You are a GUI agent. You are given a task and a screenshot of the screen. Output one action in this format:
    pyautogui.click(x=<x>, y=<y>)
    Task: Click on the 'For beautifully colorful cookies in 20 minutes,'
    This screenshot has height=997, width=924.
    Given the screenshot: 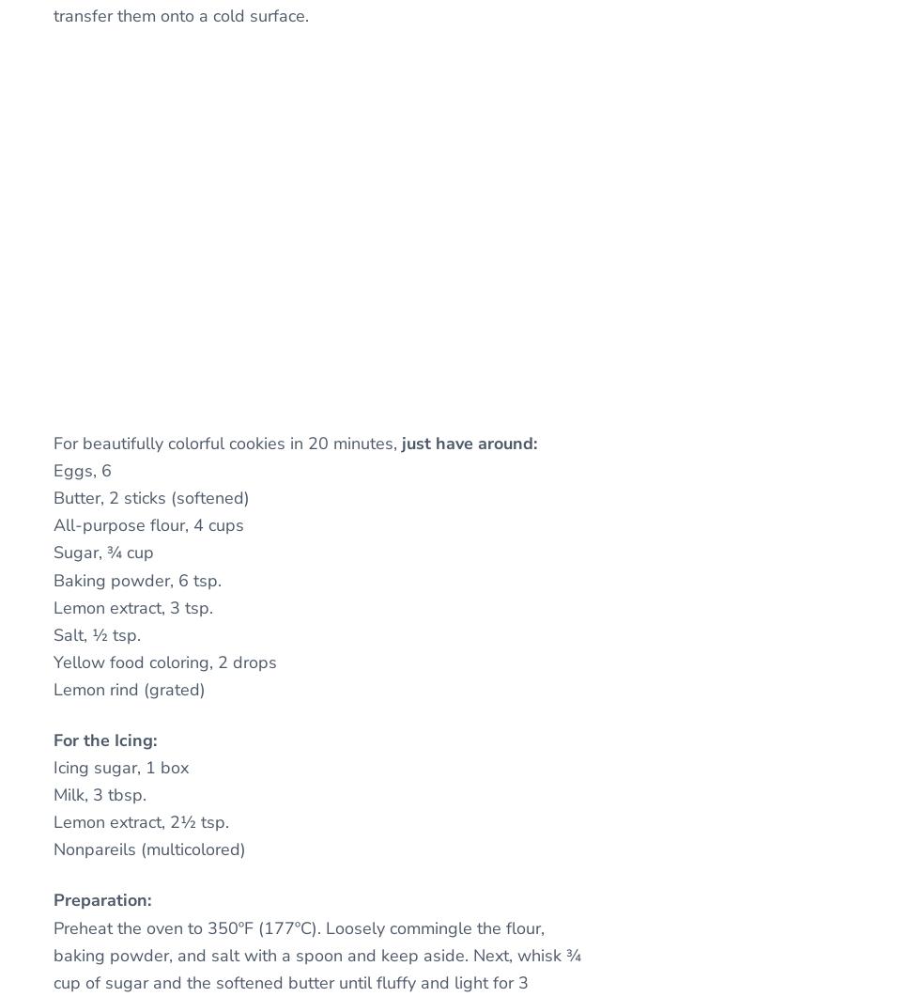 What is the action you would take?
    pyautogui.click(x=227, y=444)
    